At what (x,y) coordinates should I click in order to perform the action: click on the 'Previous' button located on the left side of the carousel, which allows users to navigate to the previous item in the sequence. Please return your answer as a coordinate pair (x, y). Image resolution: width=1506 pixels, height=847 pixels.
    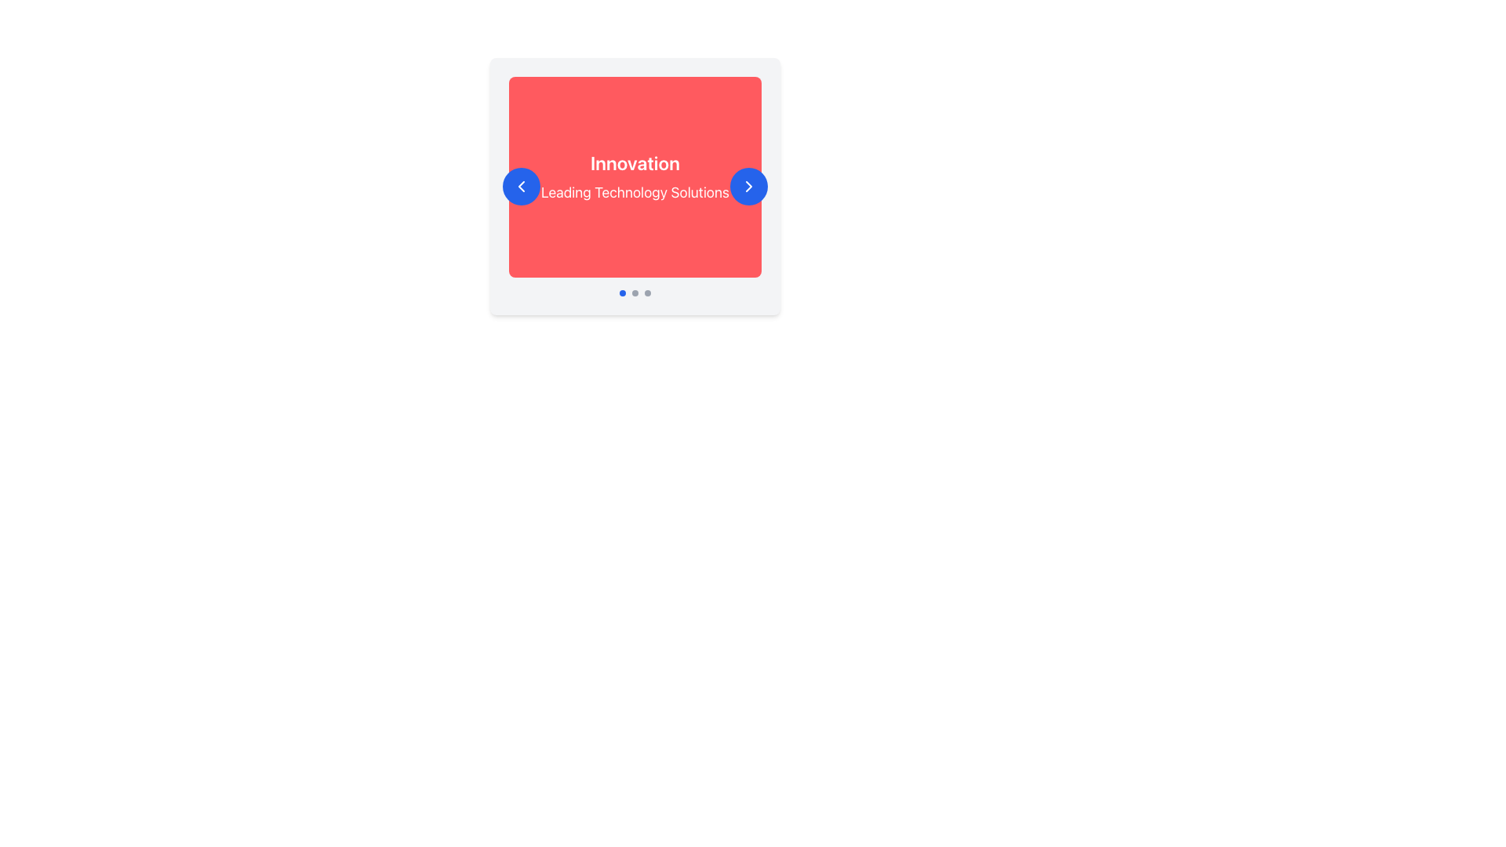
    Looking at the image, I should click on (522, 186).